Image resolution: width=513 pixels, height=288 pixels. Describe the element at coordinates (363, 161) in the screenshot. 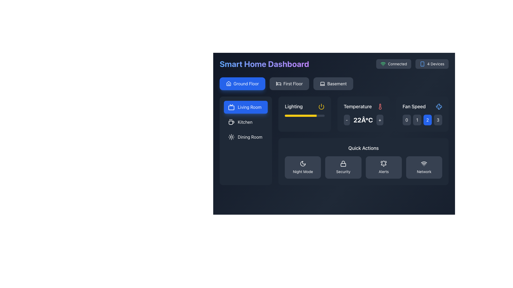

I see `the 'Quick Actions' panel which has a dark gray background and contains interactive items for 'Night Mode', 'Security', 'Alerts', and 'Network'` at that location.